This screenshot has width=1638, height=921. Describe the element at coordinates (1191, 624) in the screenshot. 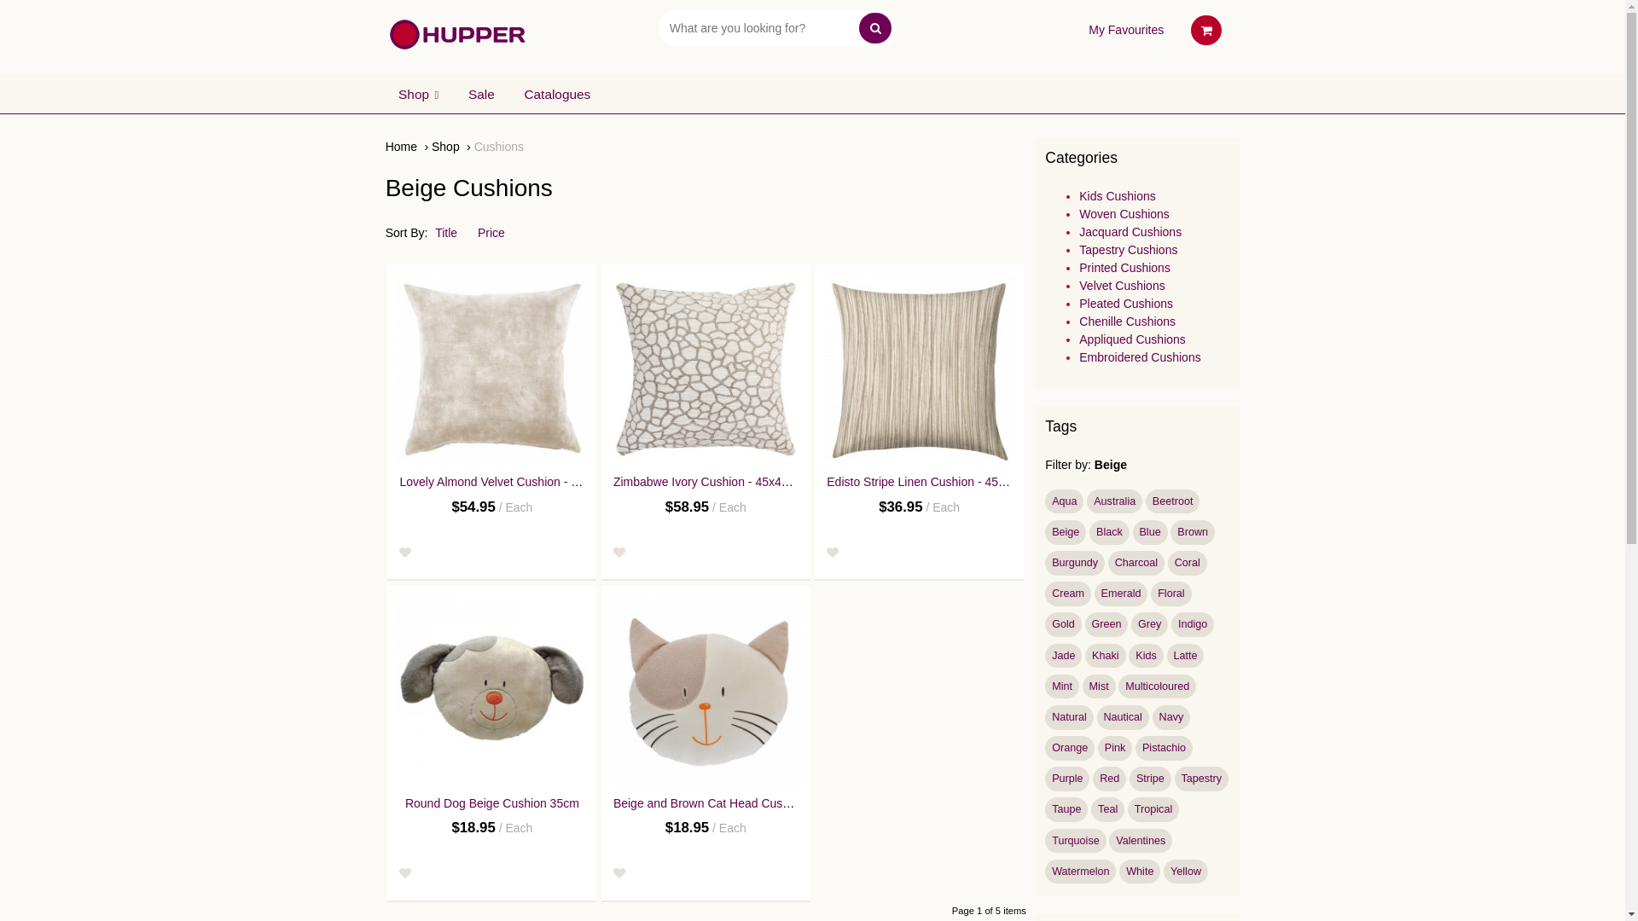

I see `'Indigo'` at that location.